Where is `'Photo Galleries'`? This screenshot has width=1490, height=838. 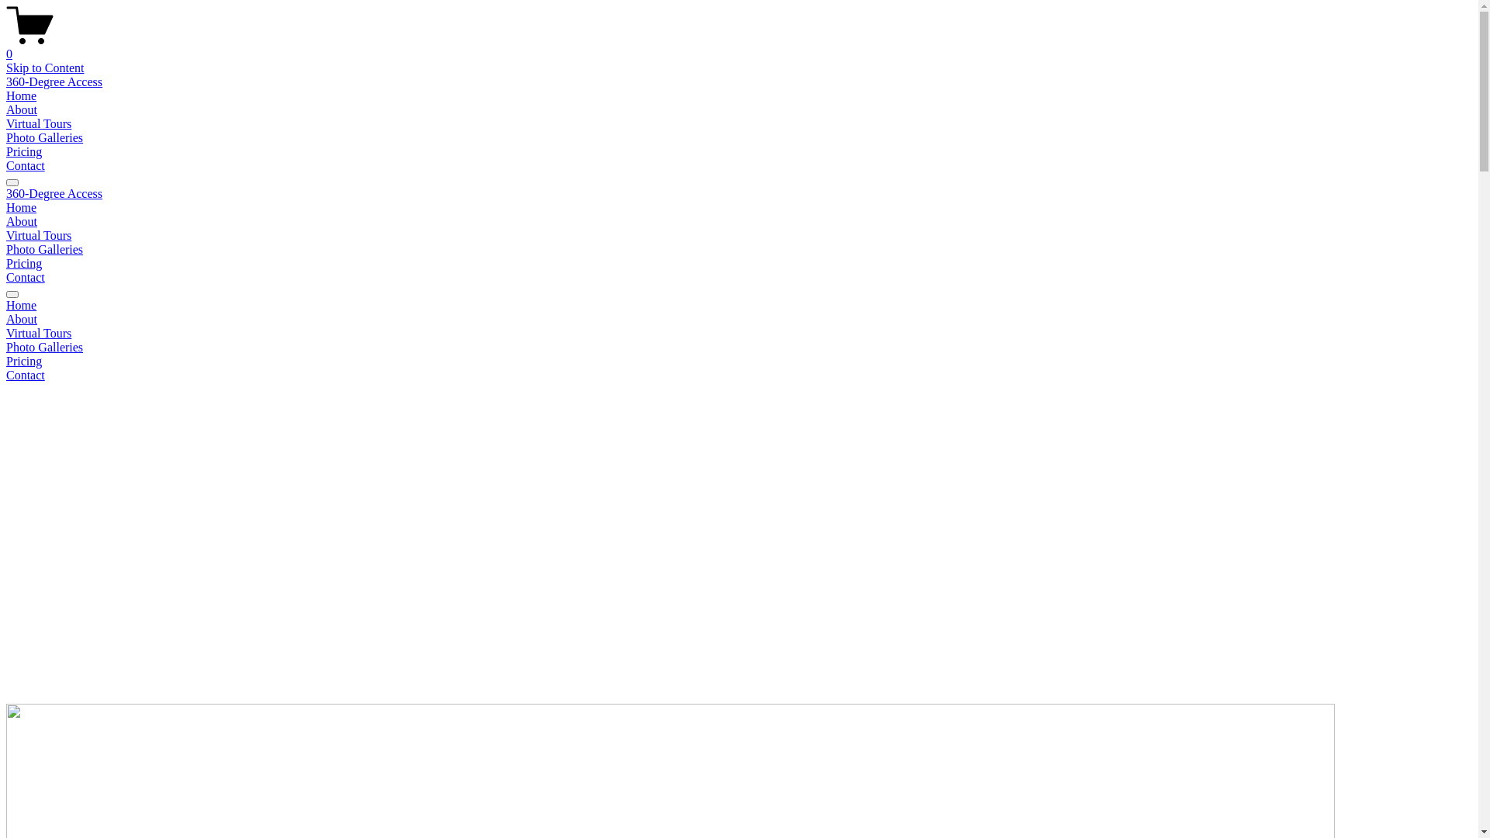 'Photo Galleries' is located at coordinates (738, 346).